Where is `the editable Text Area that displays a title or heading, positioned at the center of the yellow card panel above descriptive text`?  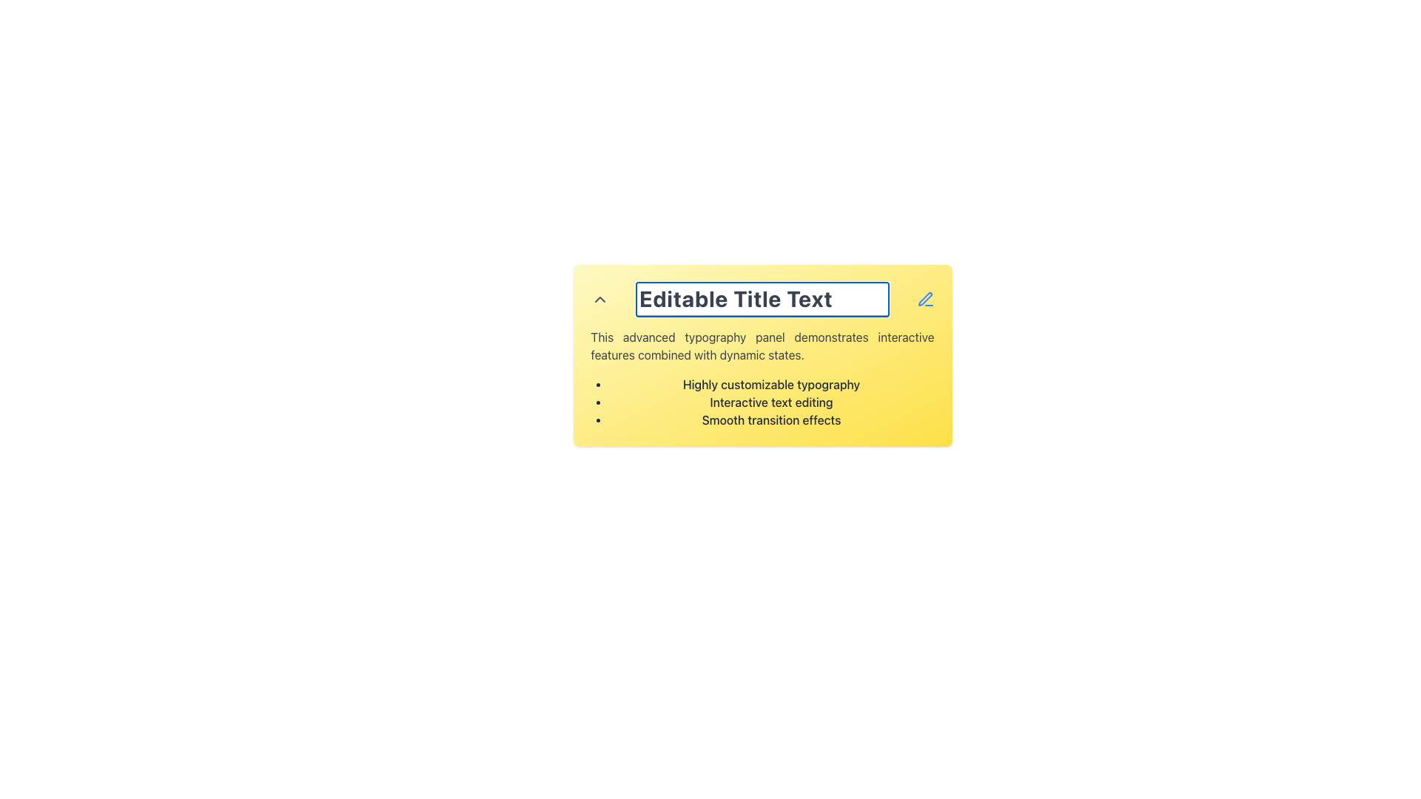 the editable Text Area that displays a title or heading, positioned at the center of the yellow card panel above descriptive text is located at coordinates (762, 300).